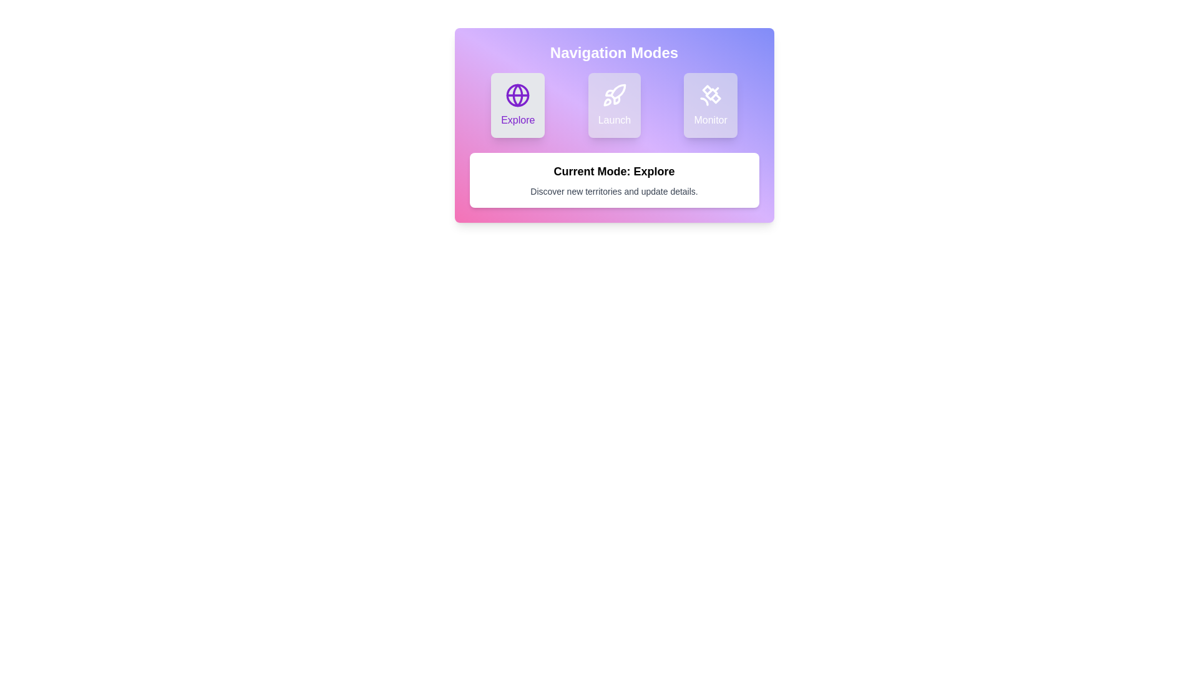  What do you see at coordinates (614, 105) in the screenshot?
I see `the navigation mode Launch by clicking on the corresponding button` at bounding box center [614, 105].